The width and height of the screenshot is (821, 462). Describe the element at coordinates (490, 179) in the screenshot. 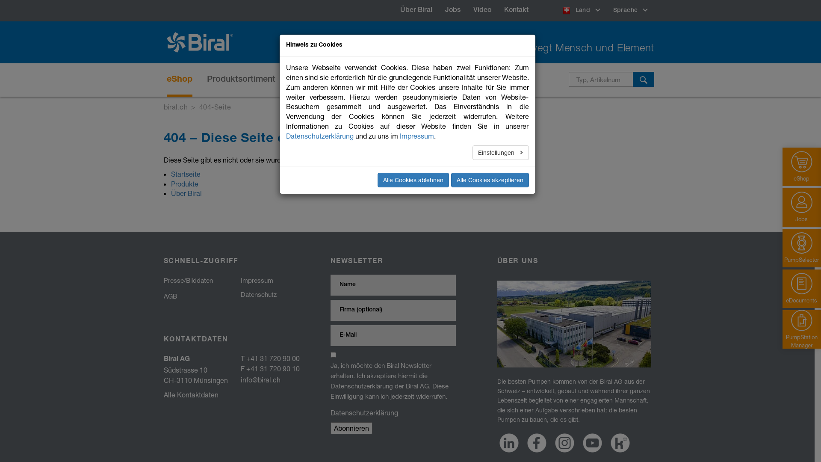

I see `'Alle Cookies akzeptieren'` at that location.